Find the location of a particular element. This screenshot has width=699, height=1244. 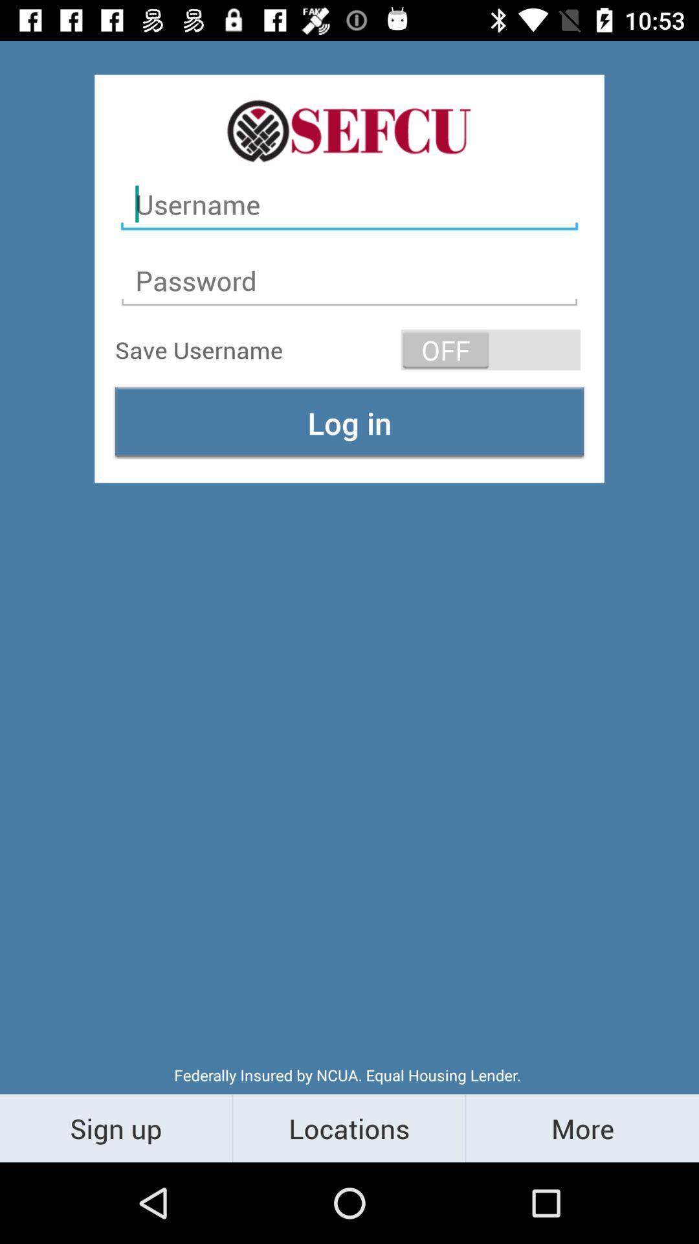

the icon at the top right corner is located at coordinates (491, 349).